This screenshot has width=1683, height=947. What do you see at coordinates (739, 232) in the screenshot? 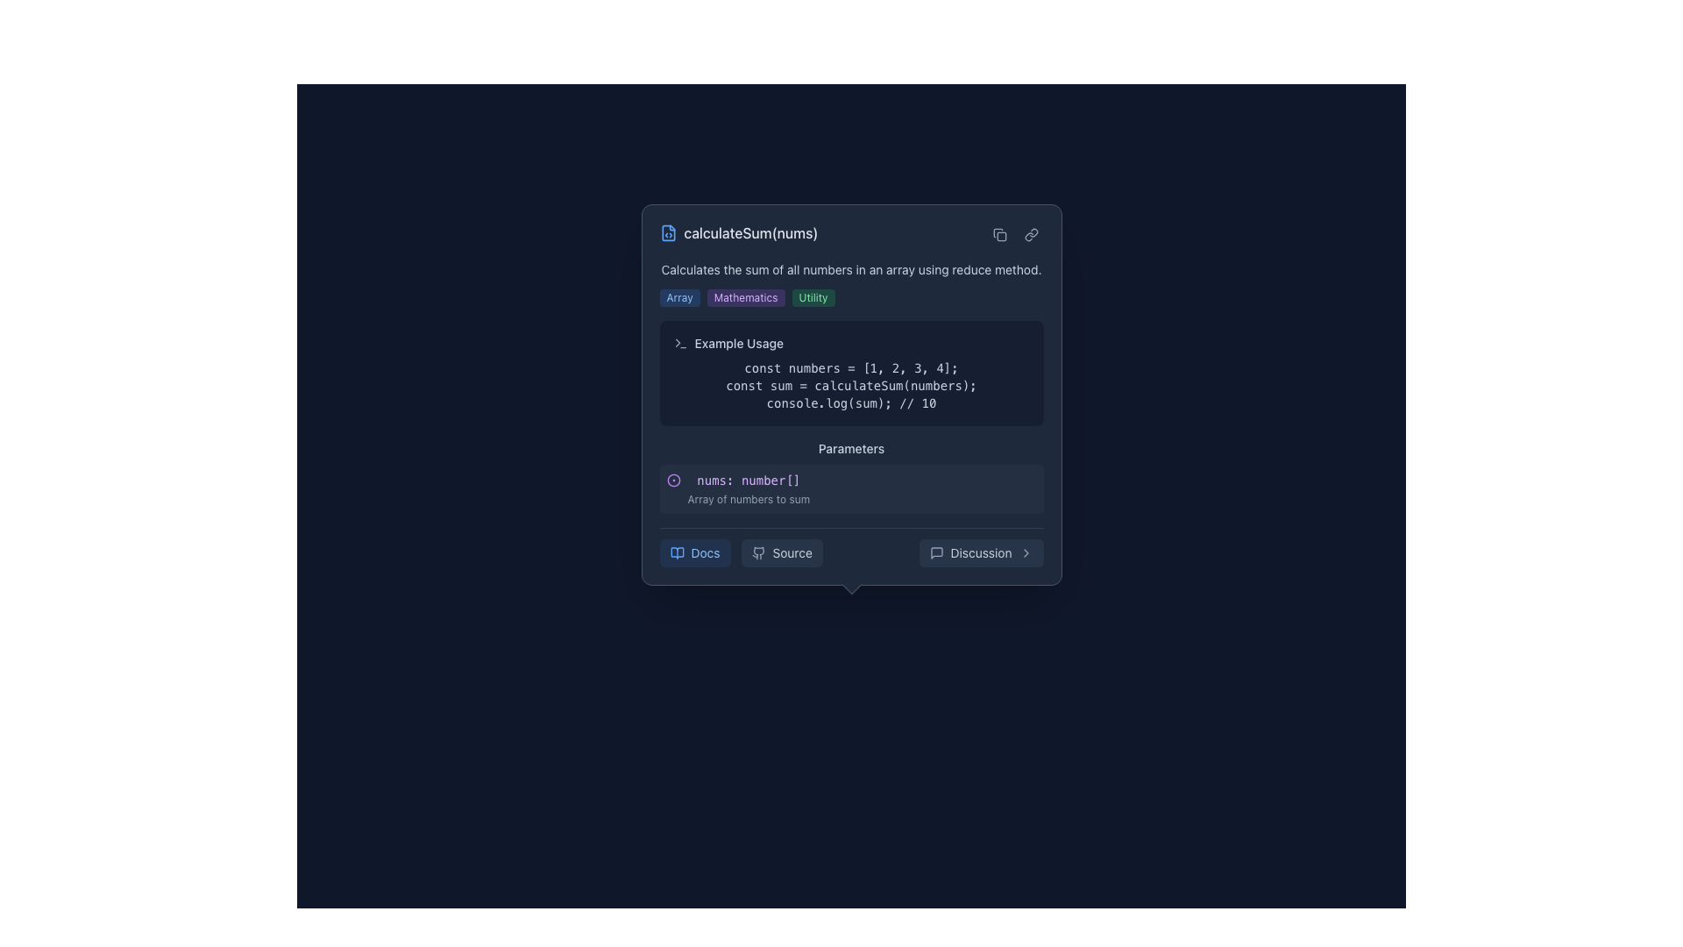
I see `function name displayed in the Label with an icon located at the top of the component` at bounding box center [739, 232].